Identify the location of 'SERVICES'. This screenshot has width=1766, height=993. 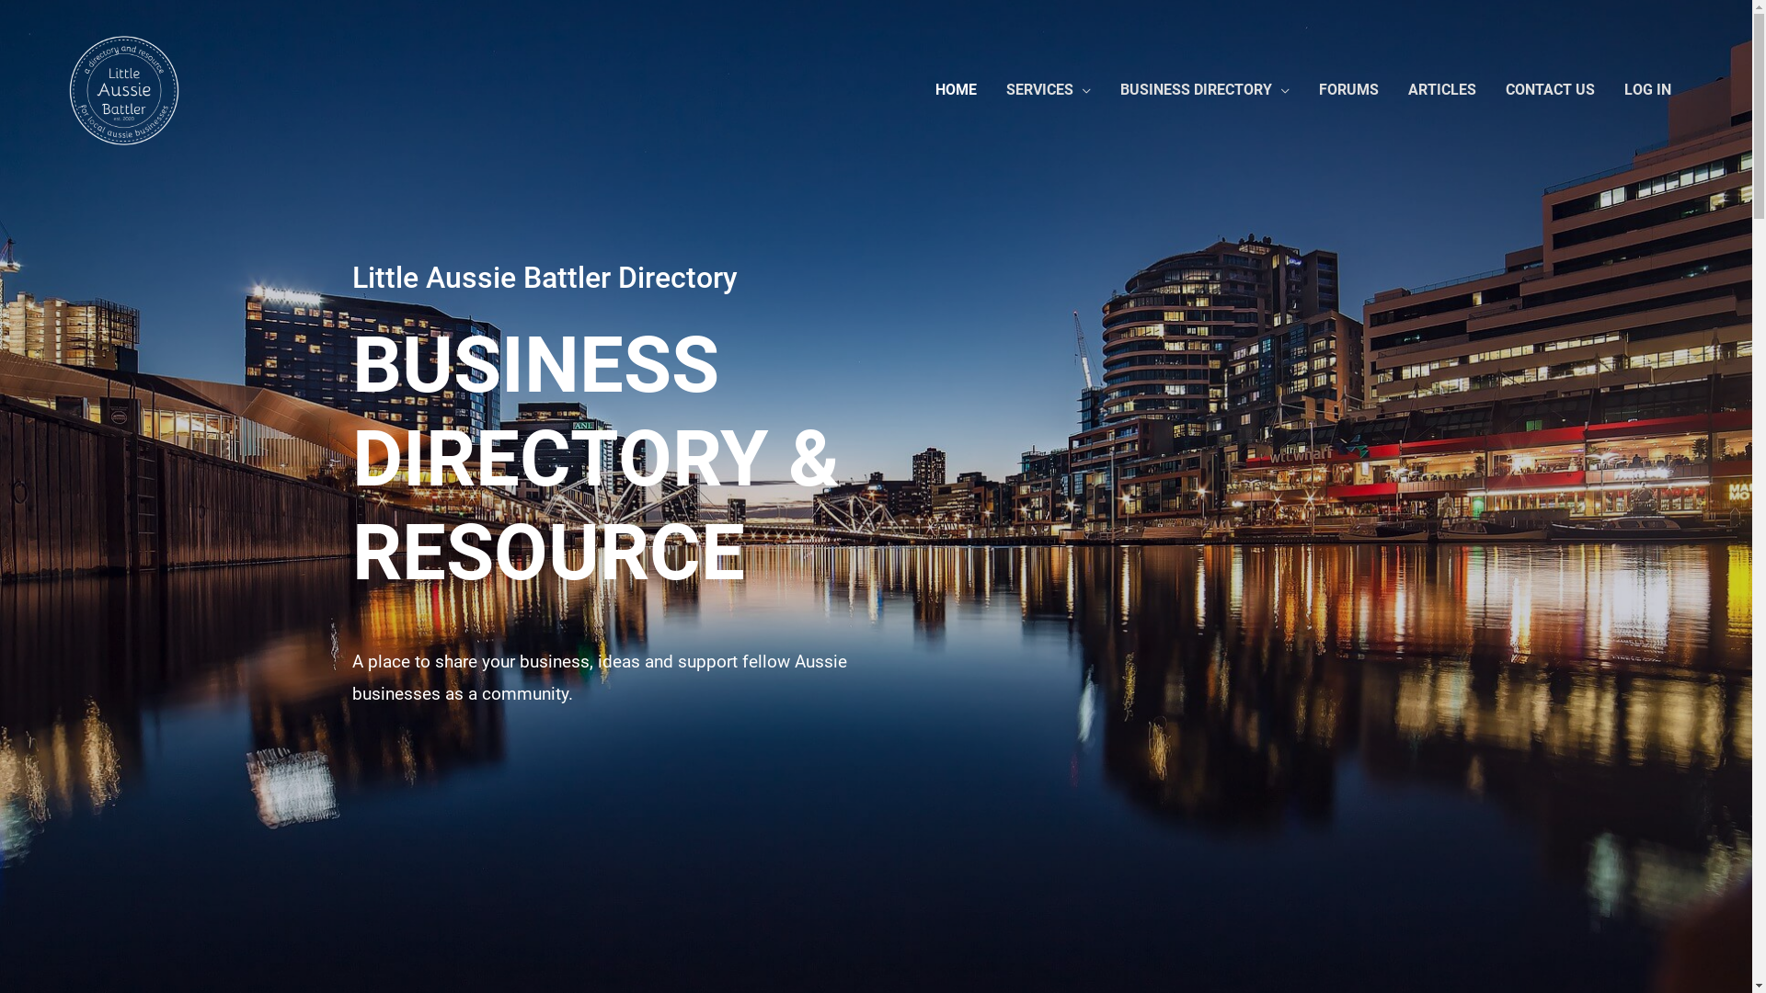
(1049, 89).